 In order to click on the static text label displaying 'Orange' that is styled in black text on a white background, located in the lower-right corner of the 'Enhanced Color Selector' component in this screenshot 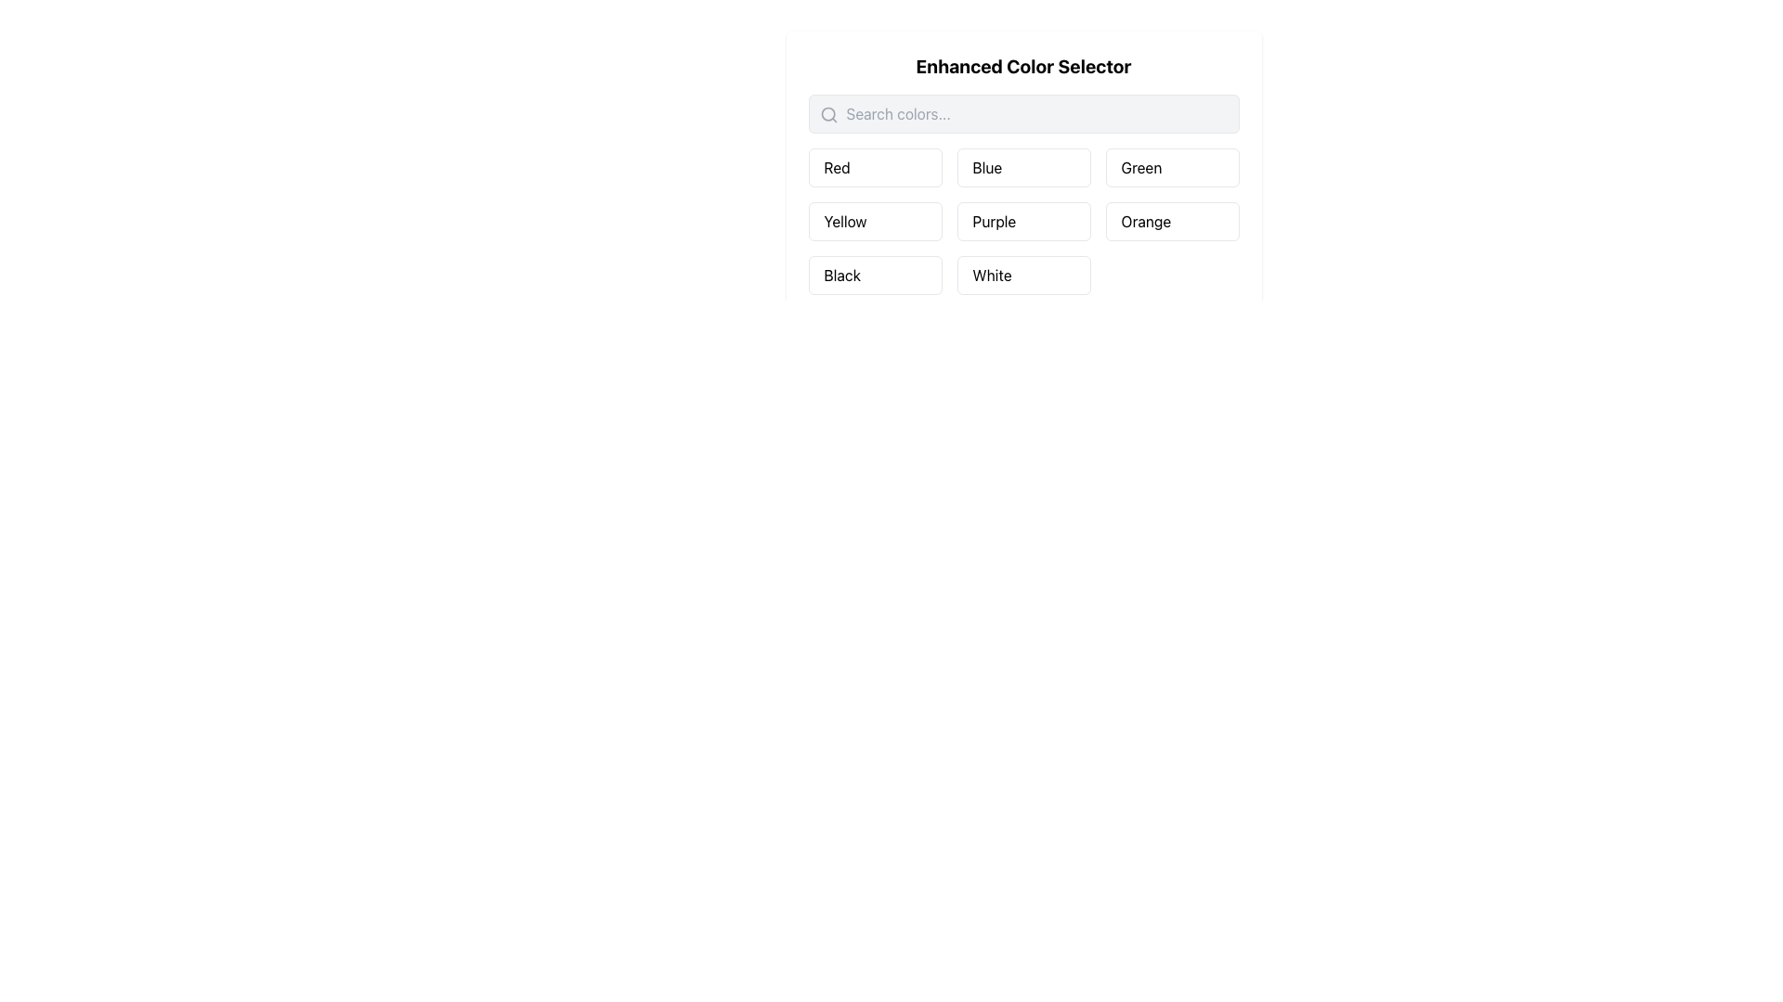, I will do `click(1145, 221)`.